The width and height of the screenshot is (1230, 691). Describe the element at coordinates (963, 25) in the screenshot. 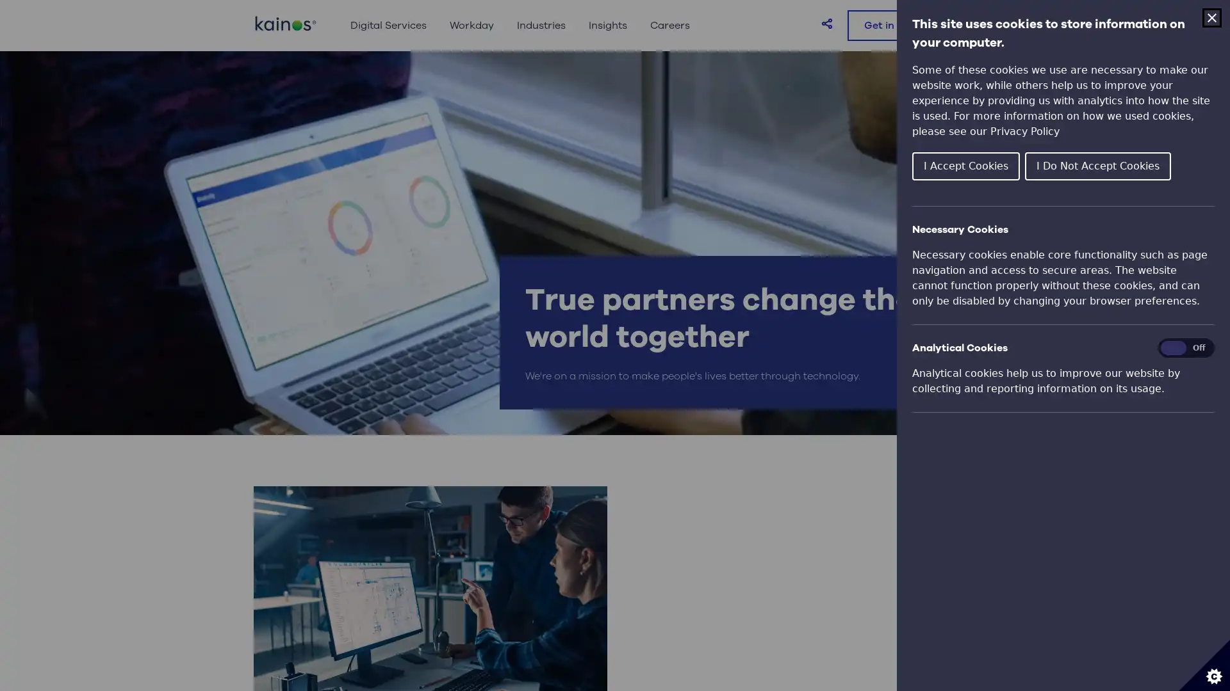

I see `Search` at that location.